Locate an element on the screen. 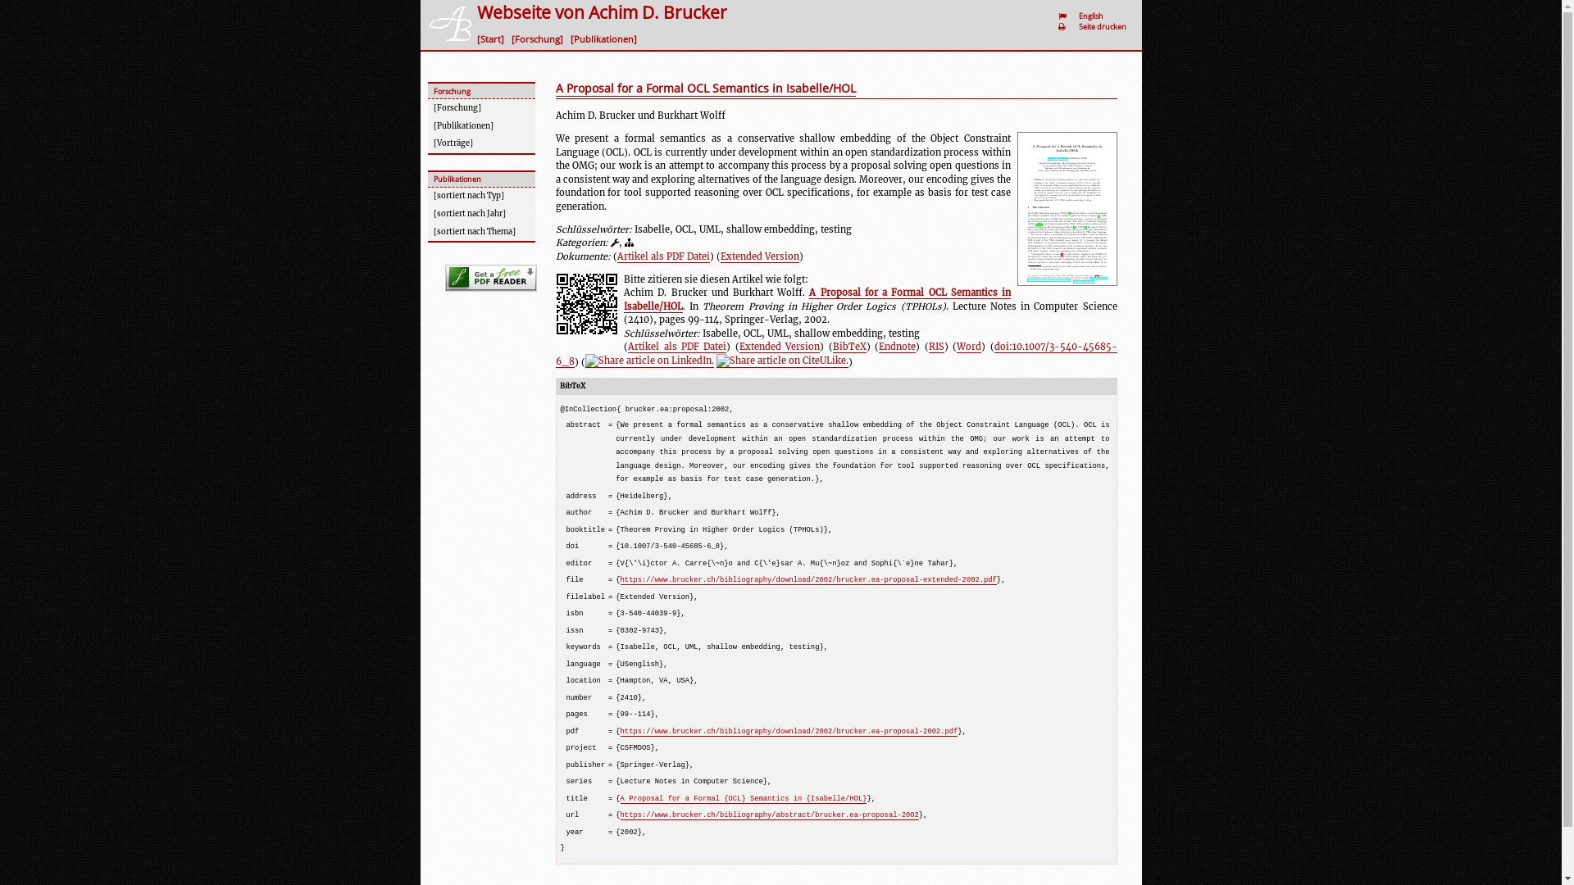 This screenshot has width=1574, height=885. '[Forschung]' is located at coordinates (539, 38).